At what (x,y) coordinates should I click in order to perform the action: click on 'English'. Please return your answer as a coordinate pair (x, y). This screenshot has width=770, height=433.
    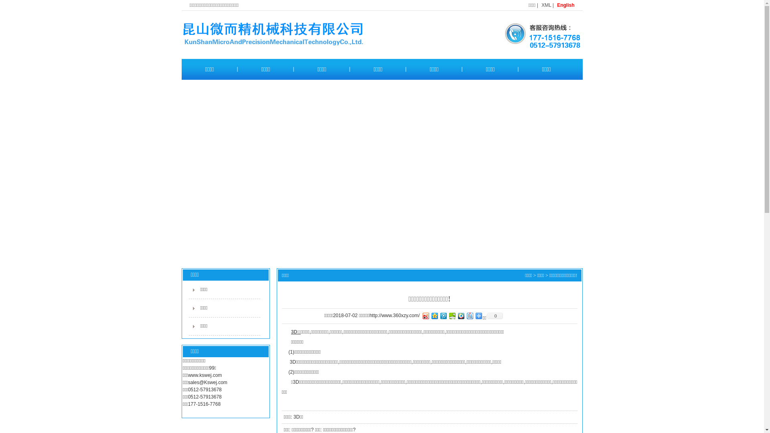
    Looking at the image, I should click on (556, 5).